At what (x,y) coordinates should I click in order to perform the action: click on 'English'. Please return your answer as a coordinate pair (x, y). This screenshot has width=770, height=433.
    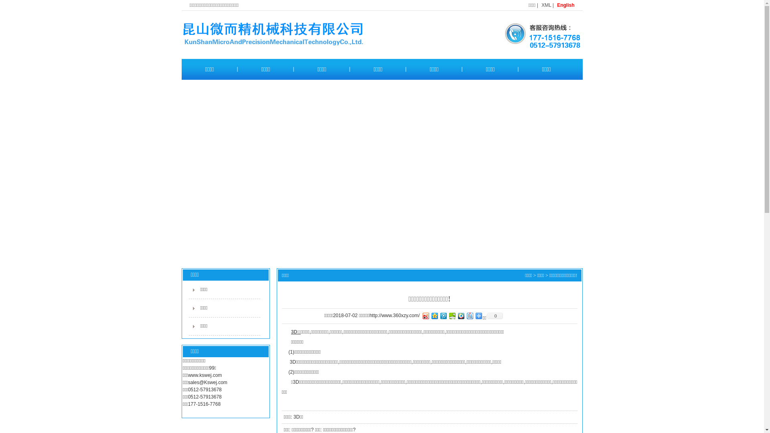
    Looking at the image, I should click on (556, 5).